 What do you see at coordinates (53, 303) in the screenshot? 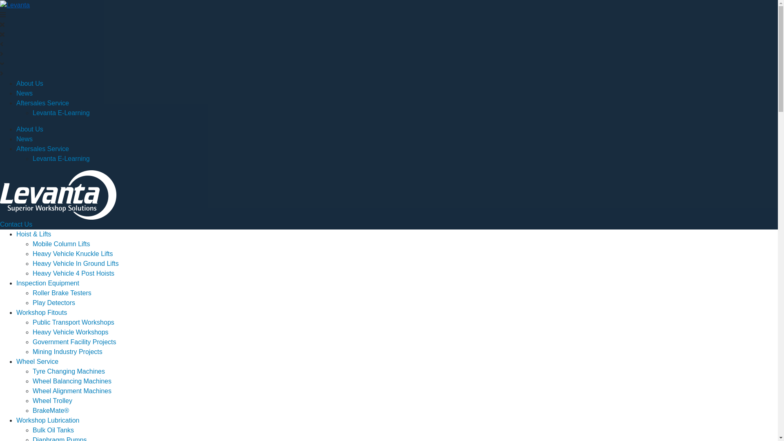
I see `'Play Detectors'` at bounding box center [53, 303].